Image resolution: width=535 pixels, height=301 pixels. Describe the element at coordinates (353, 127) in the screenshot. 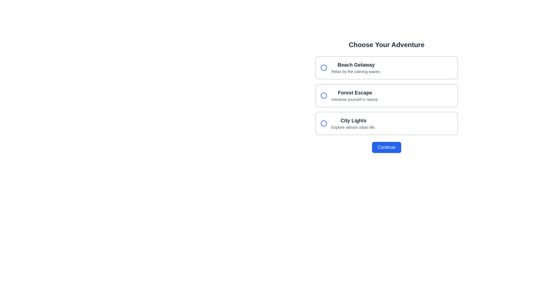

I see `the text label that reads 'Explore vibrant urban life.' which is positioned below the bold title 'City Lights'` at that location.